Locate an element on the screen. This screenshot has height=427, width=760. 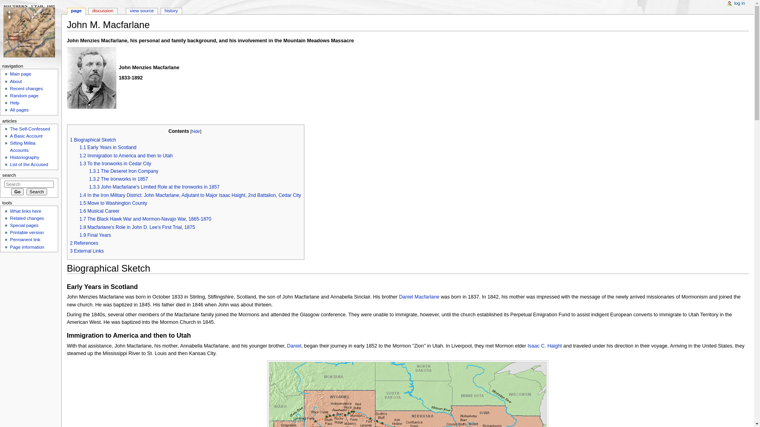
'A Basic Account' is located at coordinates (26, 135).